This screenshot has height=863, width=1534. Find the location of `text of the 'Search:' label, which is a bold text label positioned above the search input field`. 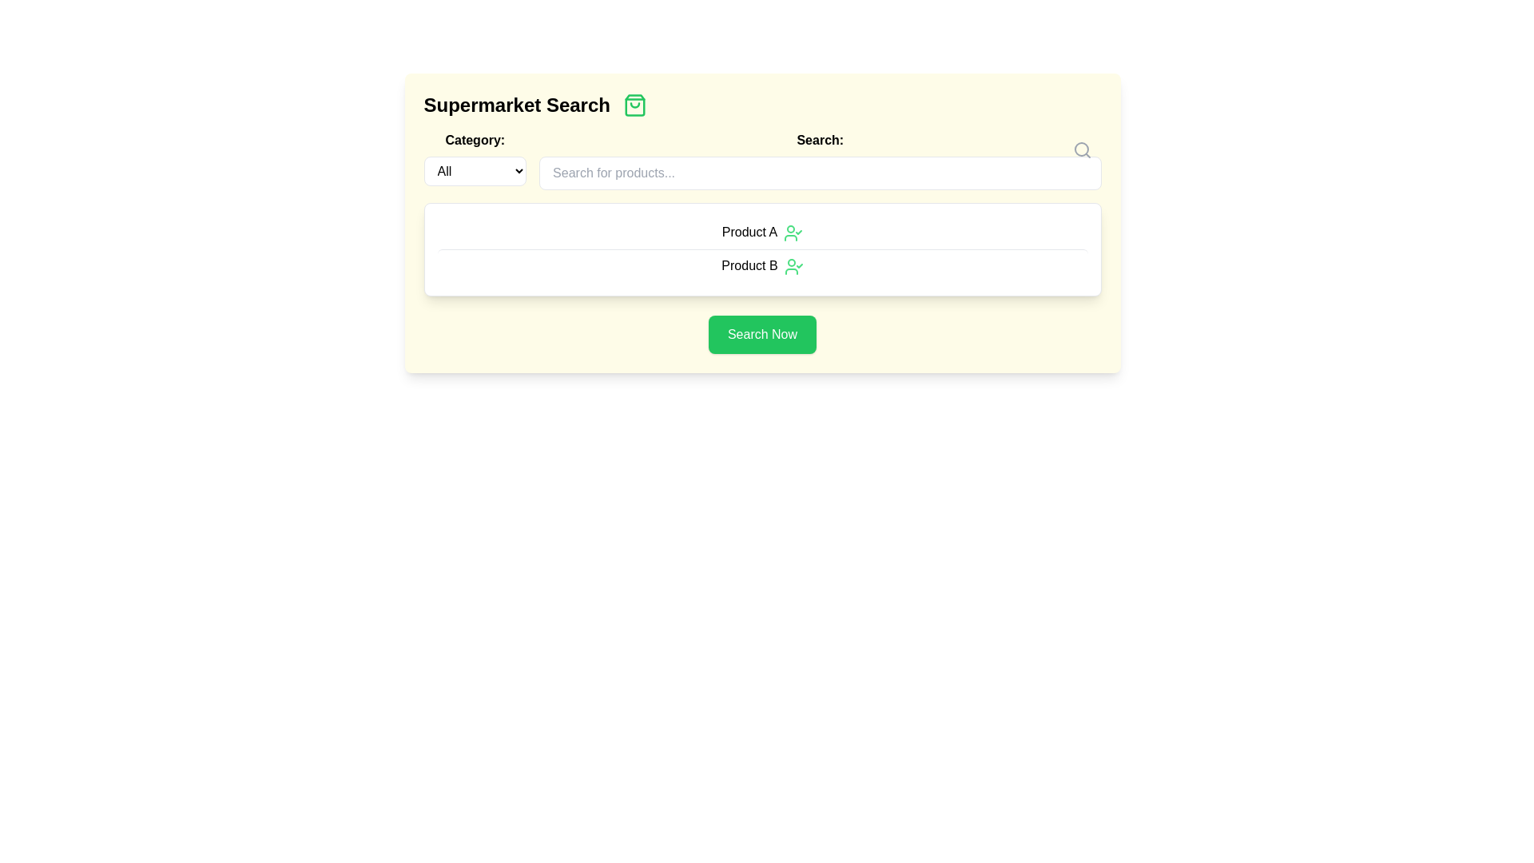

text of the 'Search:' label, which is a bold text label positioned above the search input field is located at coordinates (820, 140).